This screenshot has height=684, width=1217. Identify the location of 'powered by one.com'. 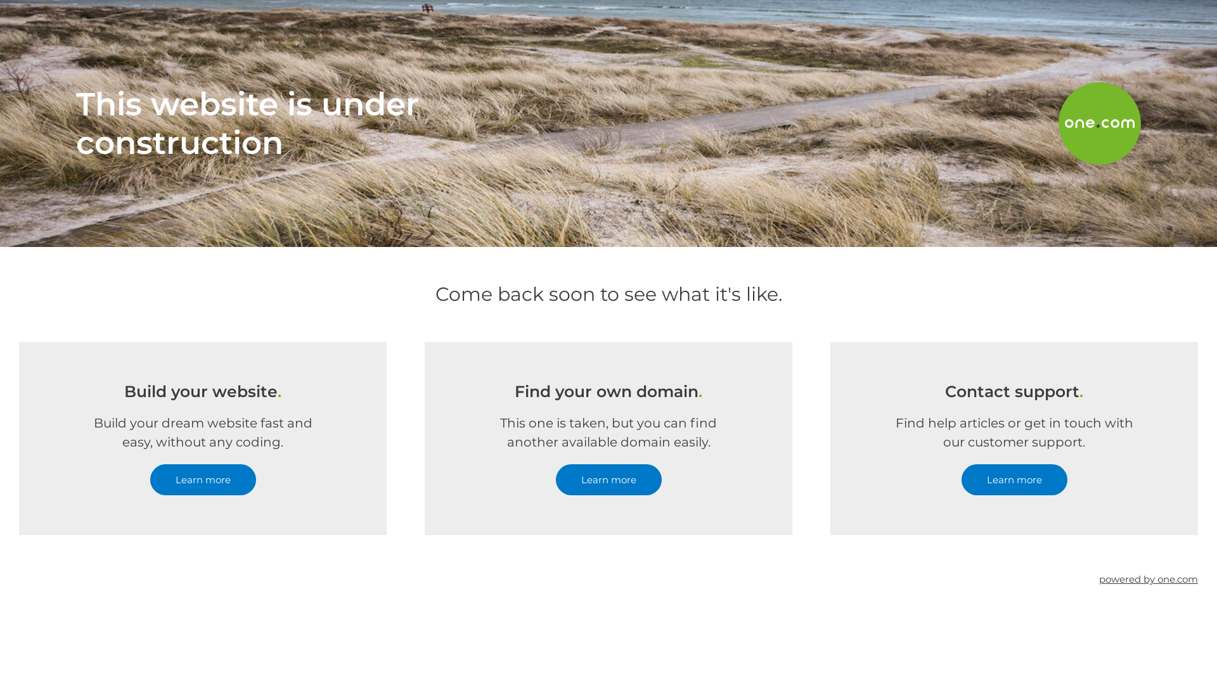
(1148, 579).